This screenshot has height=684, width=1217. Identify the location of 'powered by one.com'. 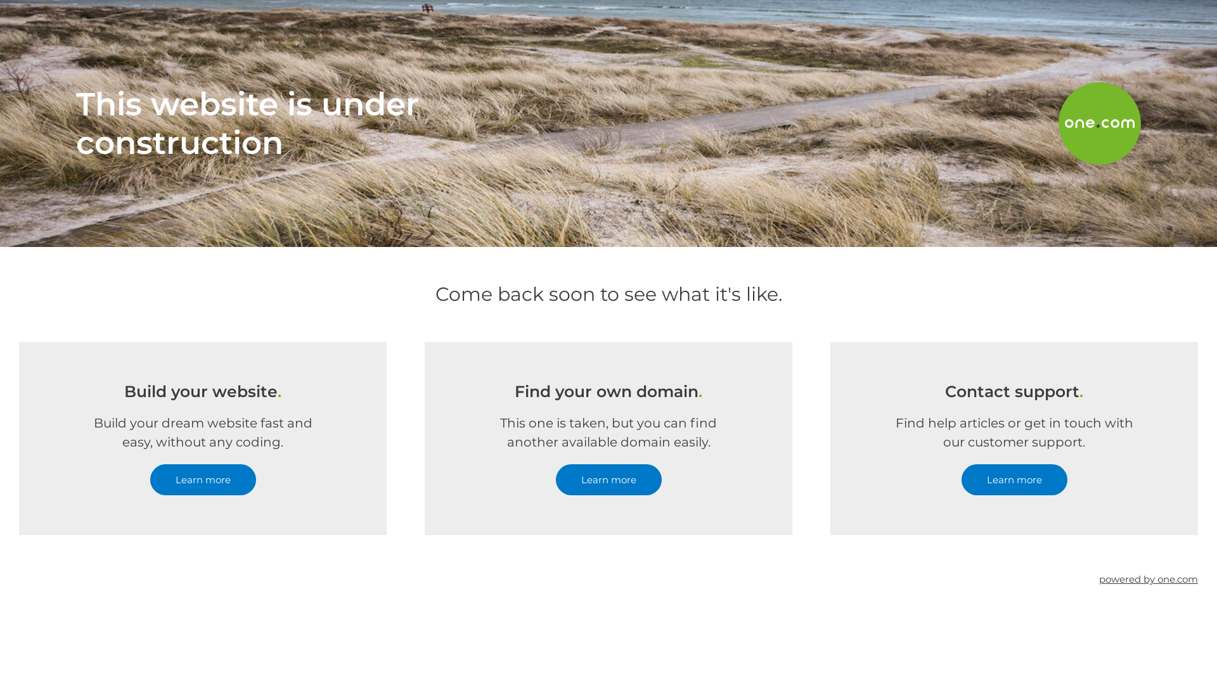
(1148, 579).